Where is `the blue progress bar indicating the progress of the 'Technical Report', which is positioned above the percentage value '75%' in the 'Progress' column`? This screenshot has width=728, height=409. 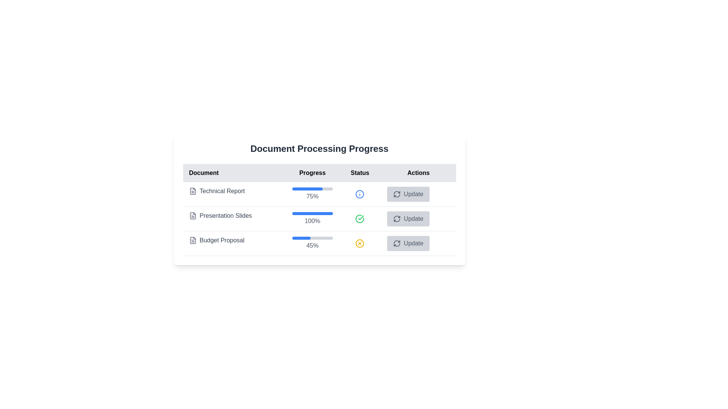
the blue progress bar indicating the progress of the 'Technical Report', which is positioned above the percentage value '75%' in the 'Progress' column is located at coordinates (307, 188).